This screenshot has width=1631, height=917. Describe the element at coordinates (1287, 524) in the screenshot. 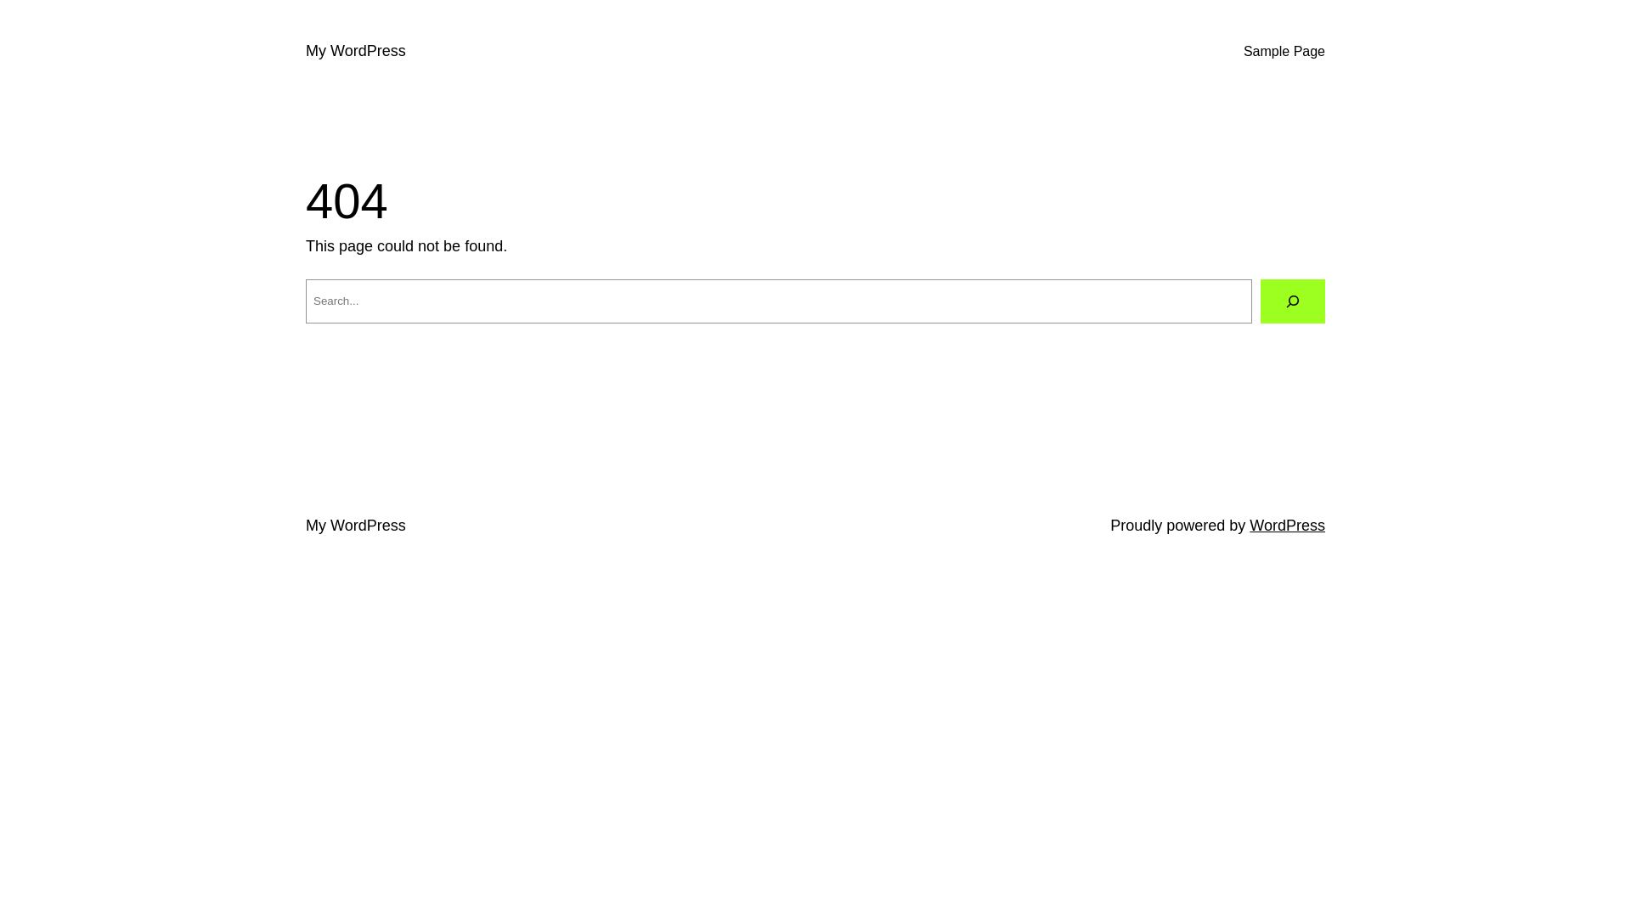

I see `'WordPress'` at that location.